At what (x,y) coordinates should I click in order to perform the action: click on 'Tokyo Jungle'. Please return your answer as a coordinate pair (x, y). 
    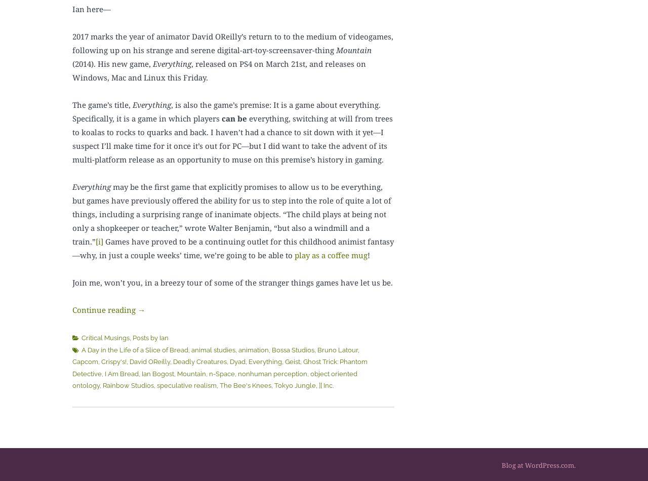
    Looking at the image, I should click on (295, 385).